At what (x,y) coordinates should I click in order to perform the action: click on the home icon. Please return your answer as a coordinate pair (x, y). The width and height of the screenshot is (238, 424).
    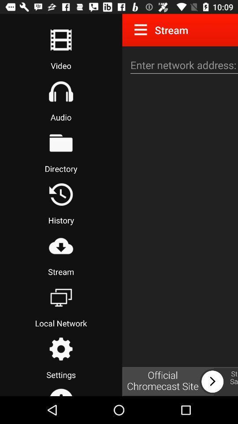
    Looking at the image, I should click on (60, 91).